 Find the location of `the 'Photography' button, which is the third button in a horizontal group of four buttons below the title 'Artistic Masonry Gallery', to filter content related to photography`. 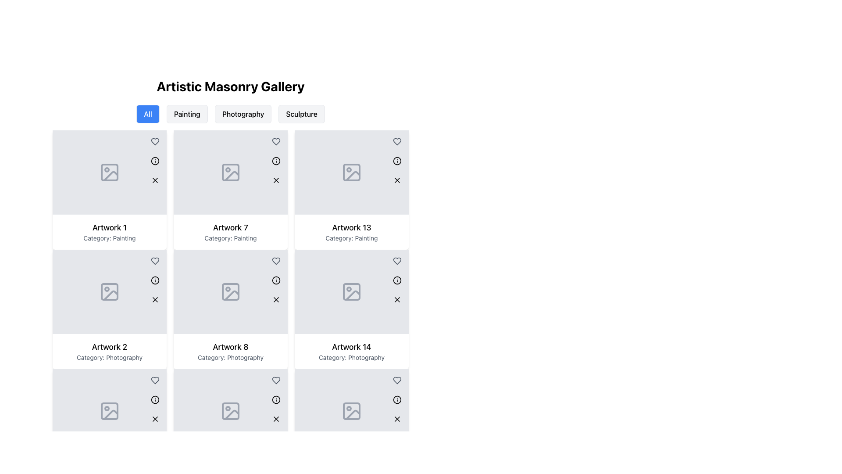

the 'Photography' button, which is the third button in a horizontal group of four buttons below the title 'Artistic Masonry Gallery', to filter content related to photography is located at coordinates (231, 113).